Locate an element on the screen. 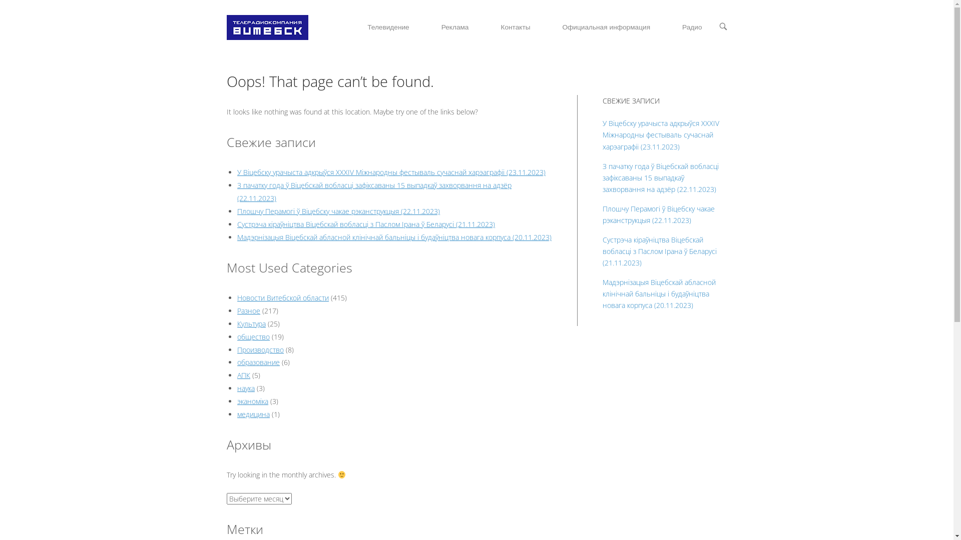 Image resolution: width=961 pixels, height=540 pixels. 'Home' is located at coordinates (267, 26).